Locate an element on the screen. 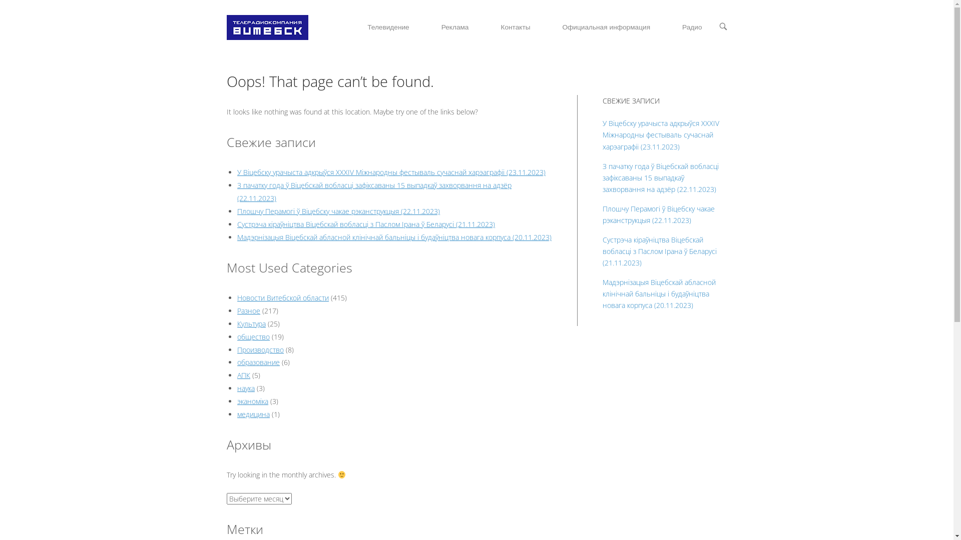 Image resolution: width=961 pixels, height=540 pixels. 'Home' is located at coordinates (267, 26).